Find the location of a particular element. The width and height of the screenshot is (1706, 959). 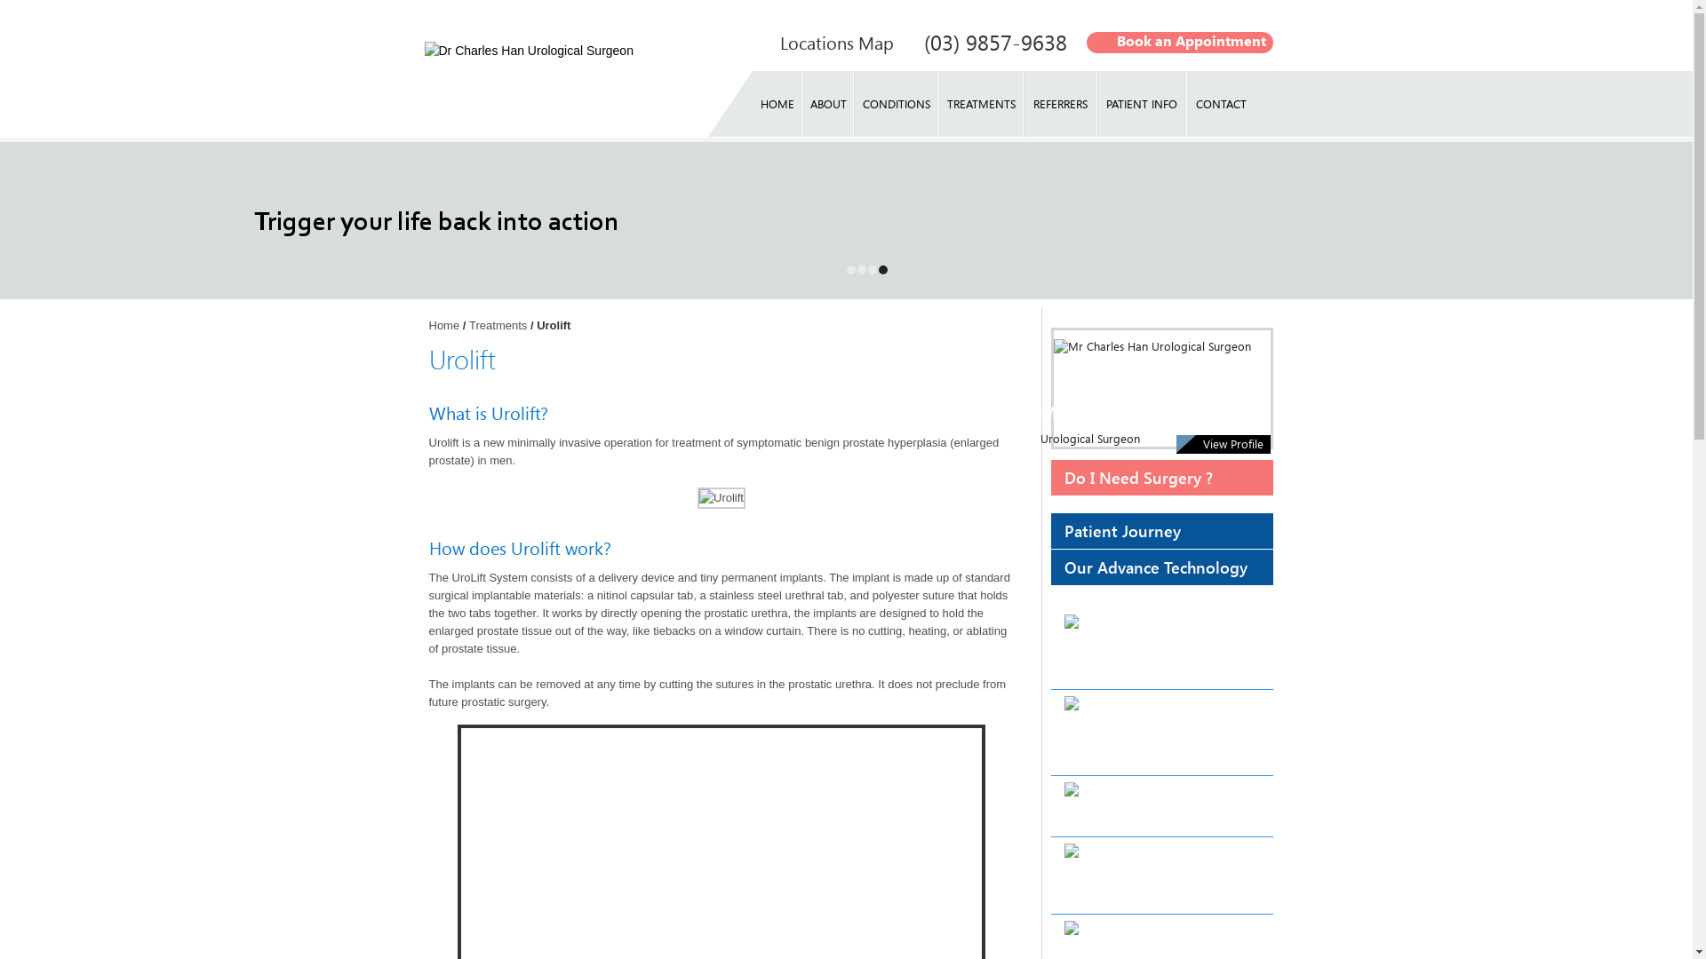

'Do I Need Surgery ?' is located at coordinates (1049, 476).